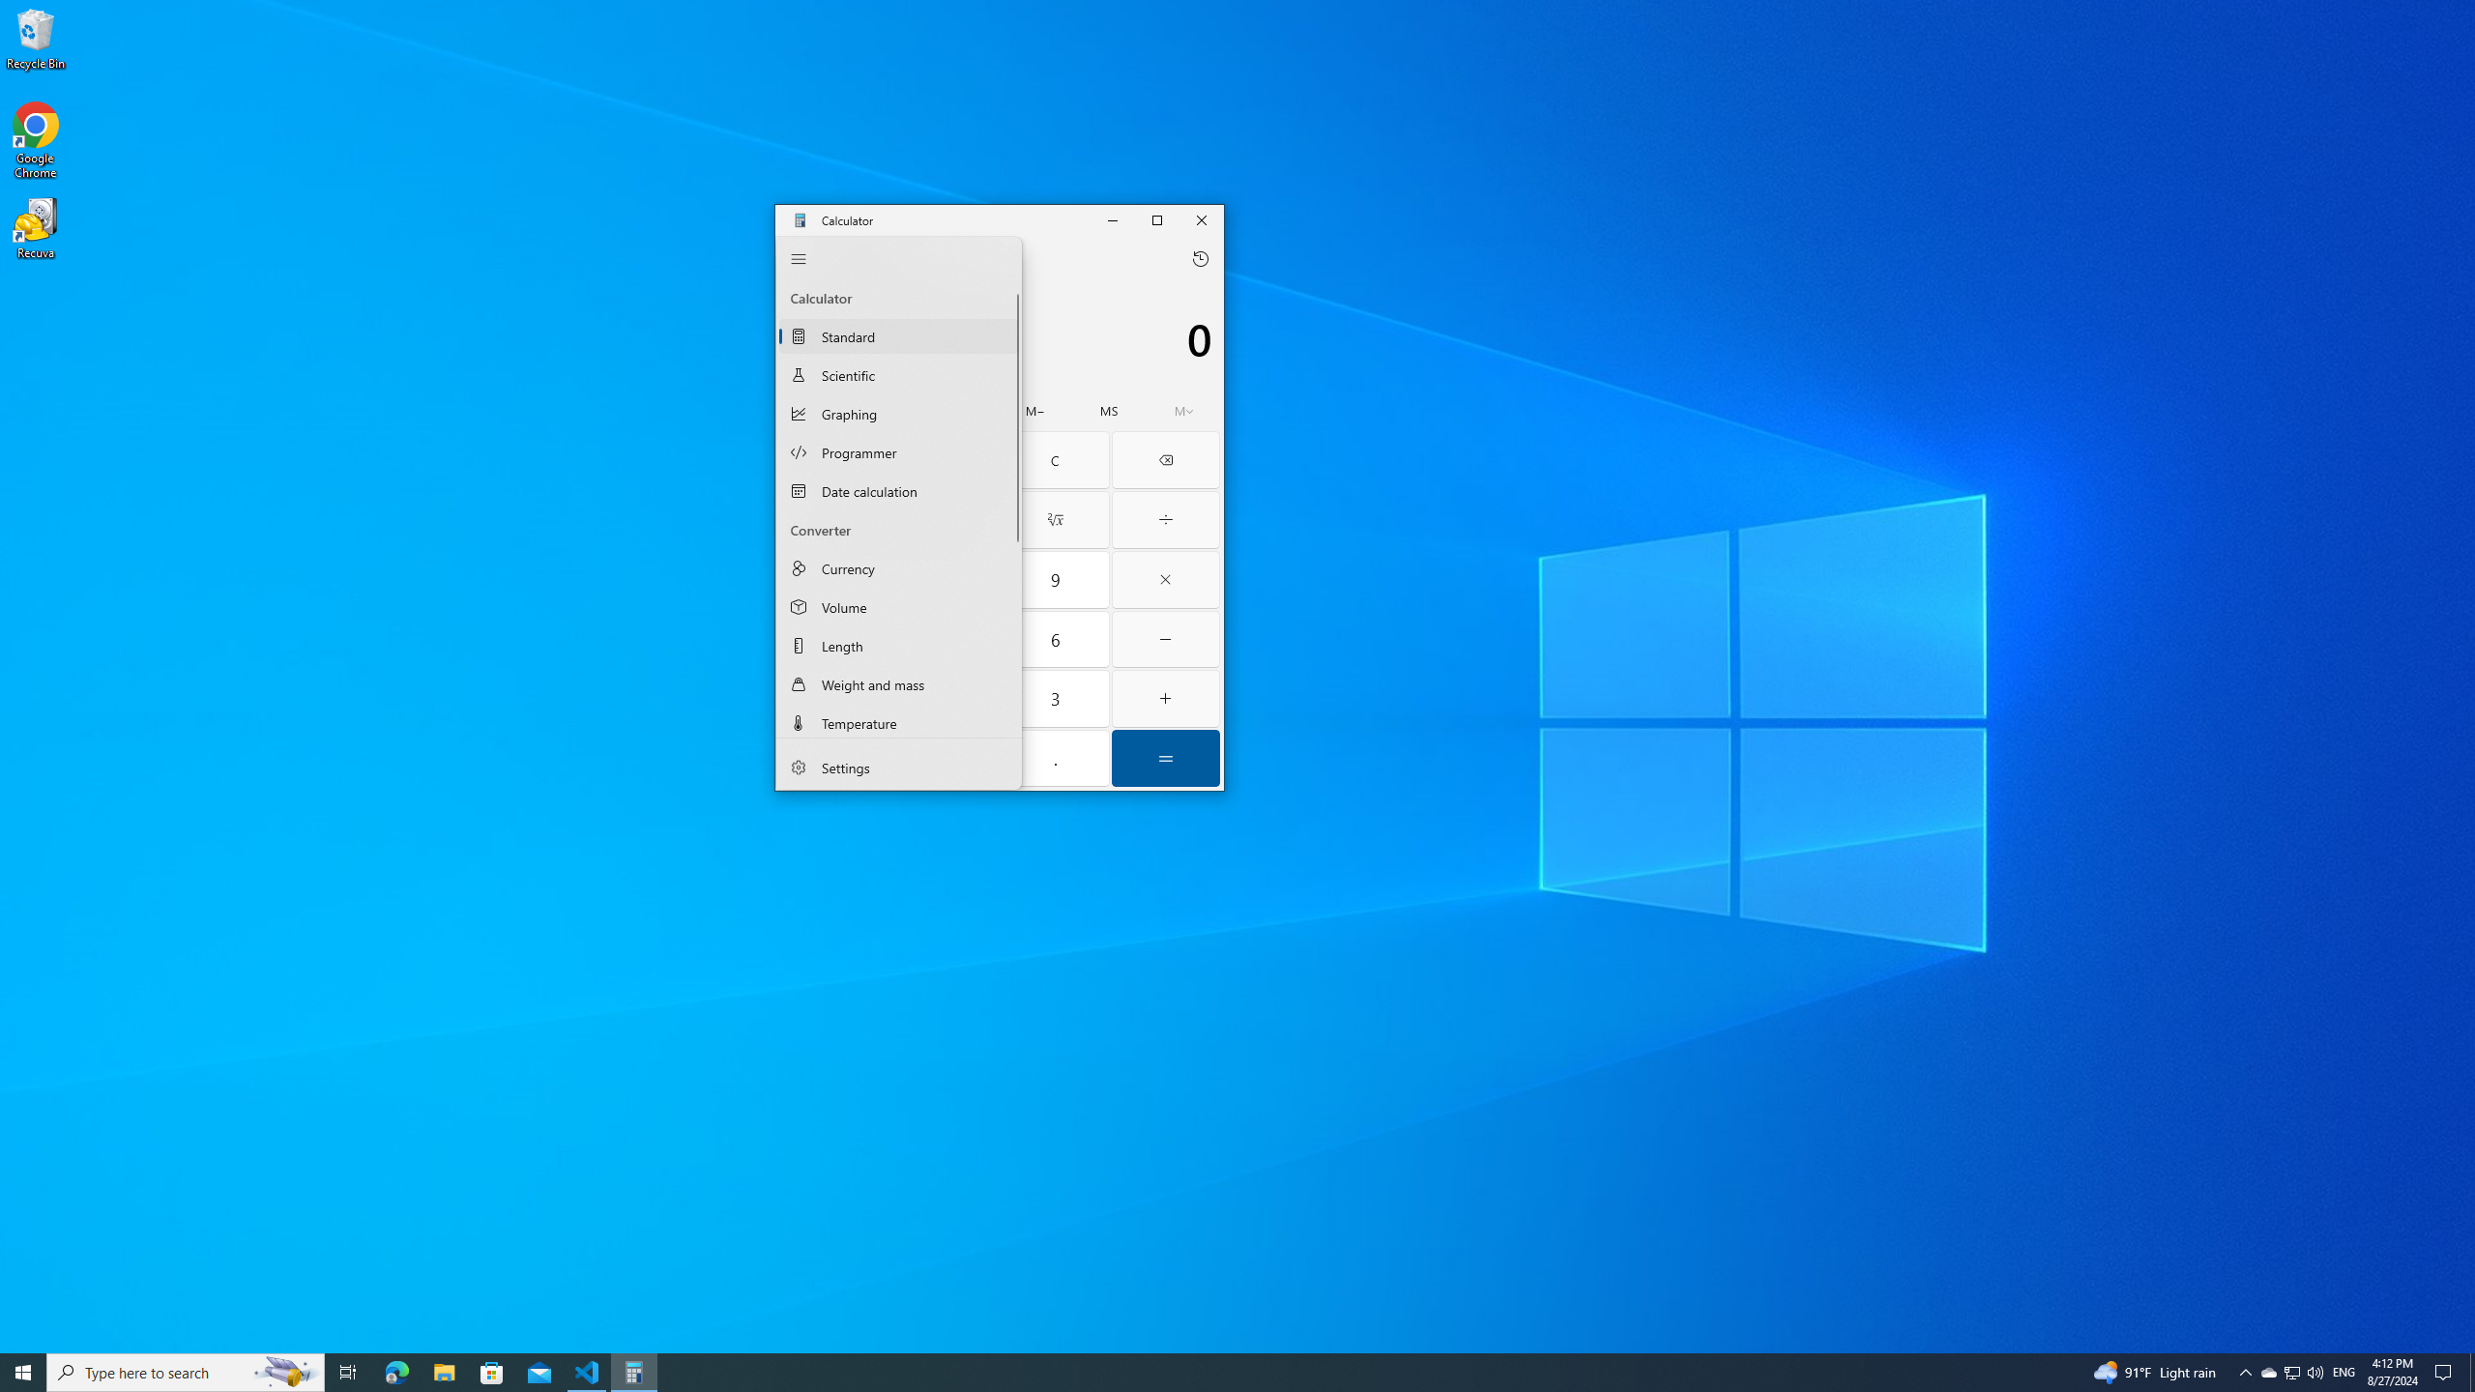 The width and height of the screenshot is (2475, 1392). What do you see at coordinates (1055, 758) in the screenshot?
I see `'Decimal separator'` at bounding box center [1055, 758].